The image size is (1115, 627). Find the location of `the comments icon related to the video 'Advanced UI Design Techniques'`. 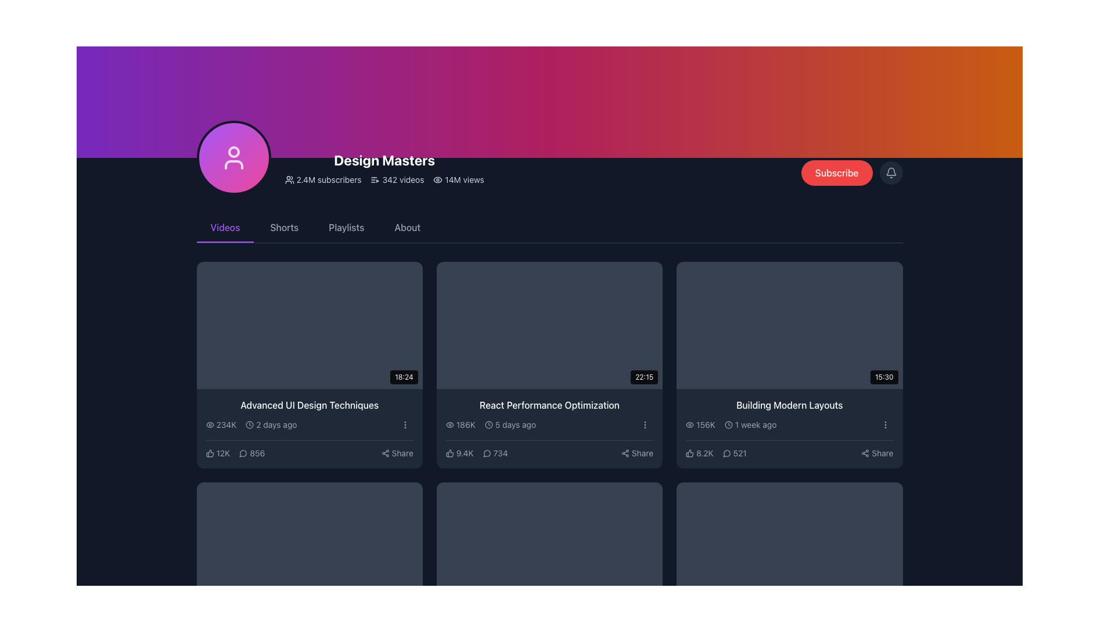

the comments icon related to the video 'Advanced UI Design Techniques' is located at coordinates (242, 453).